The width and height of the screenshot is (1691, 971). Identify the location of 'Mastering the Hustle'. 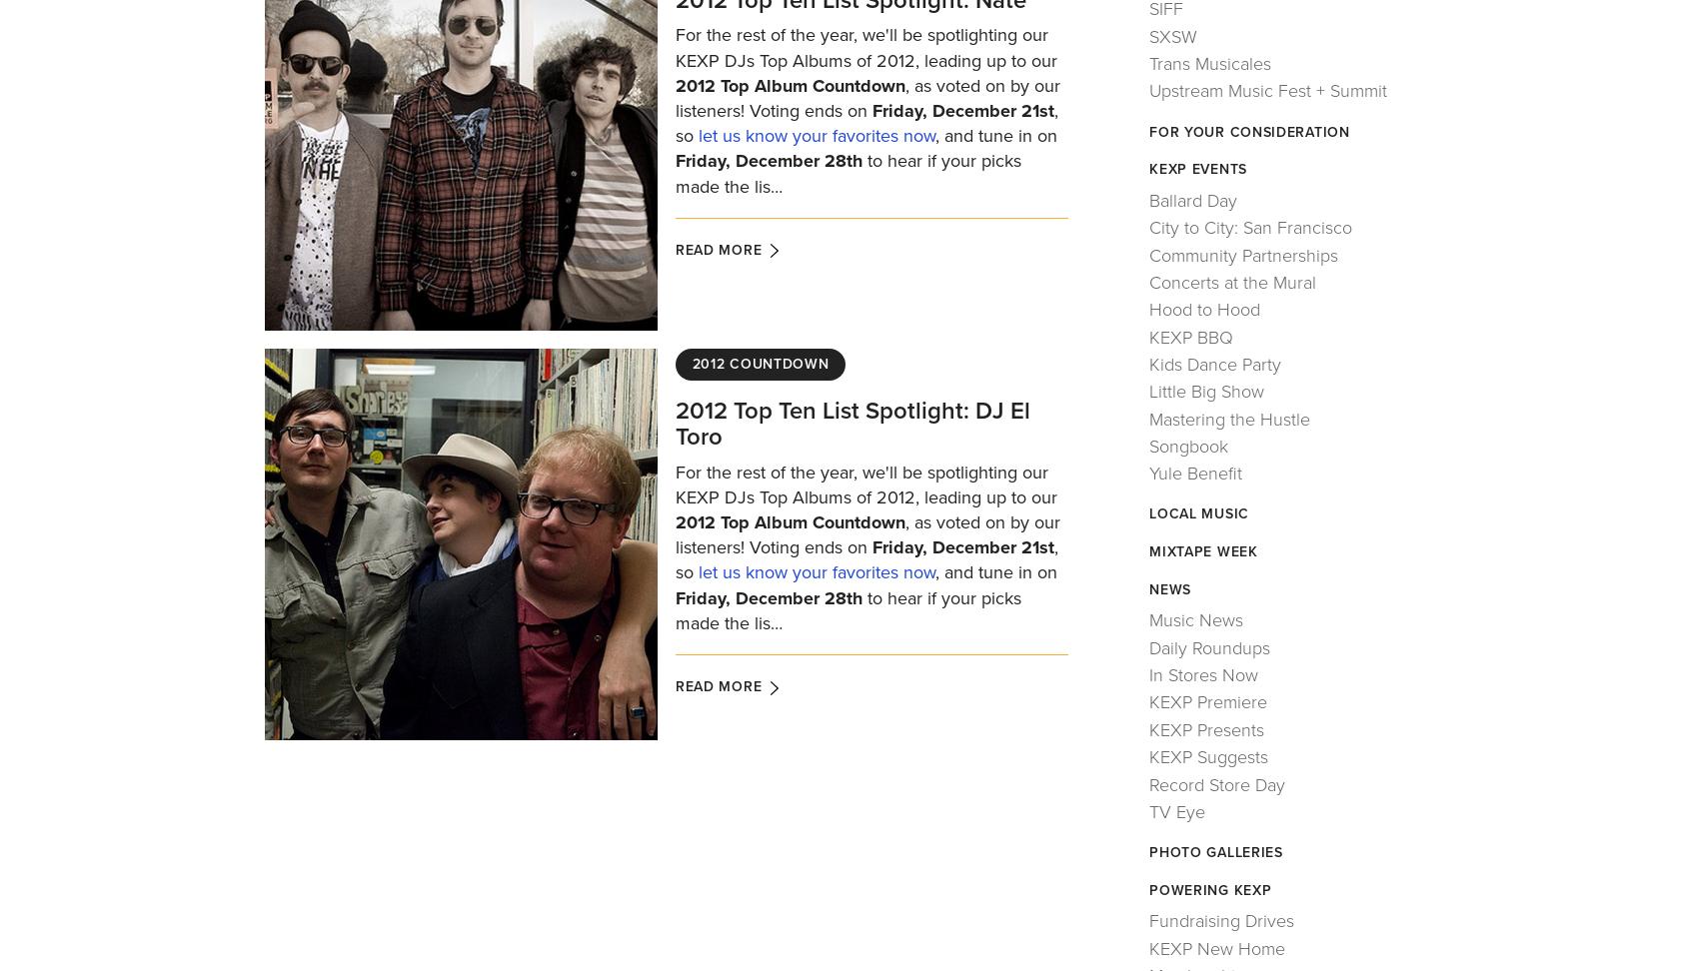
(1229, 419).